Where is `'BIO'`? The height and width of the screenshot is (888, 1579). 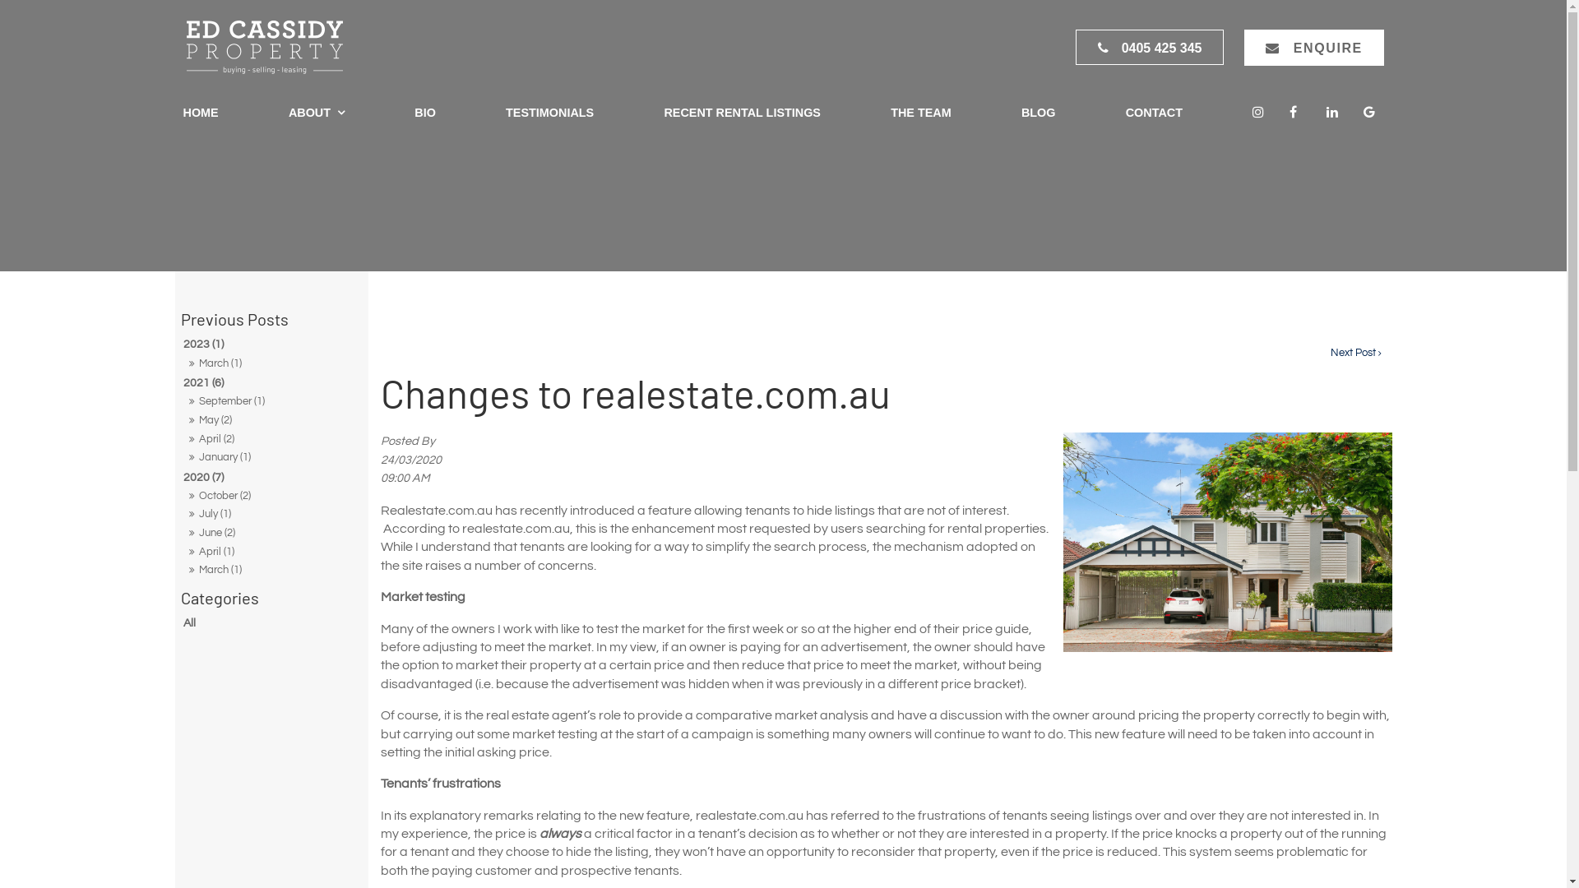
'BIO' is located at coordinates (425, 113).